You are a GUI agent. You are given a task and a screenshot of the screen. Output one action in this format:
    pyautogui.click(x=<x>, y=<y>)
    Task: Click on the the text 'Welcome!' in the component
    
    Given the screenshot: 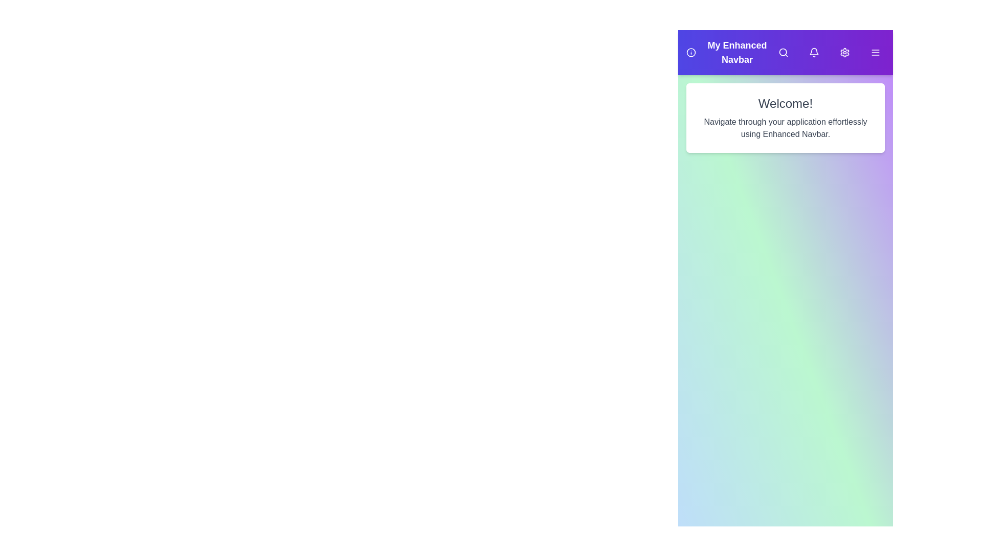 What is the action you would take?
    pyautogui.click(x=785, y=104)
    